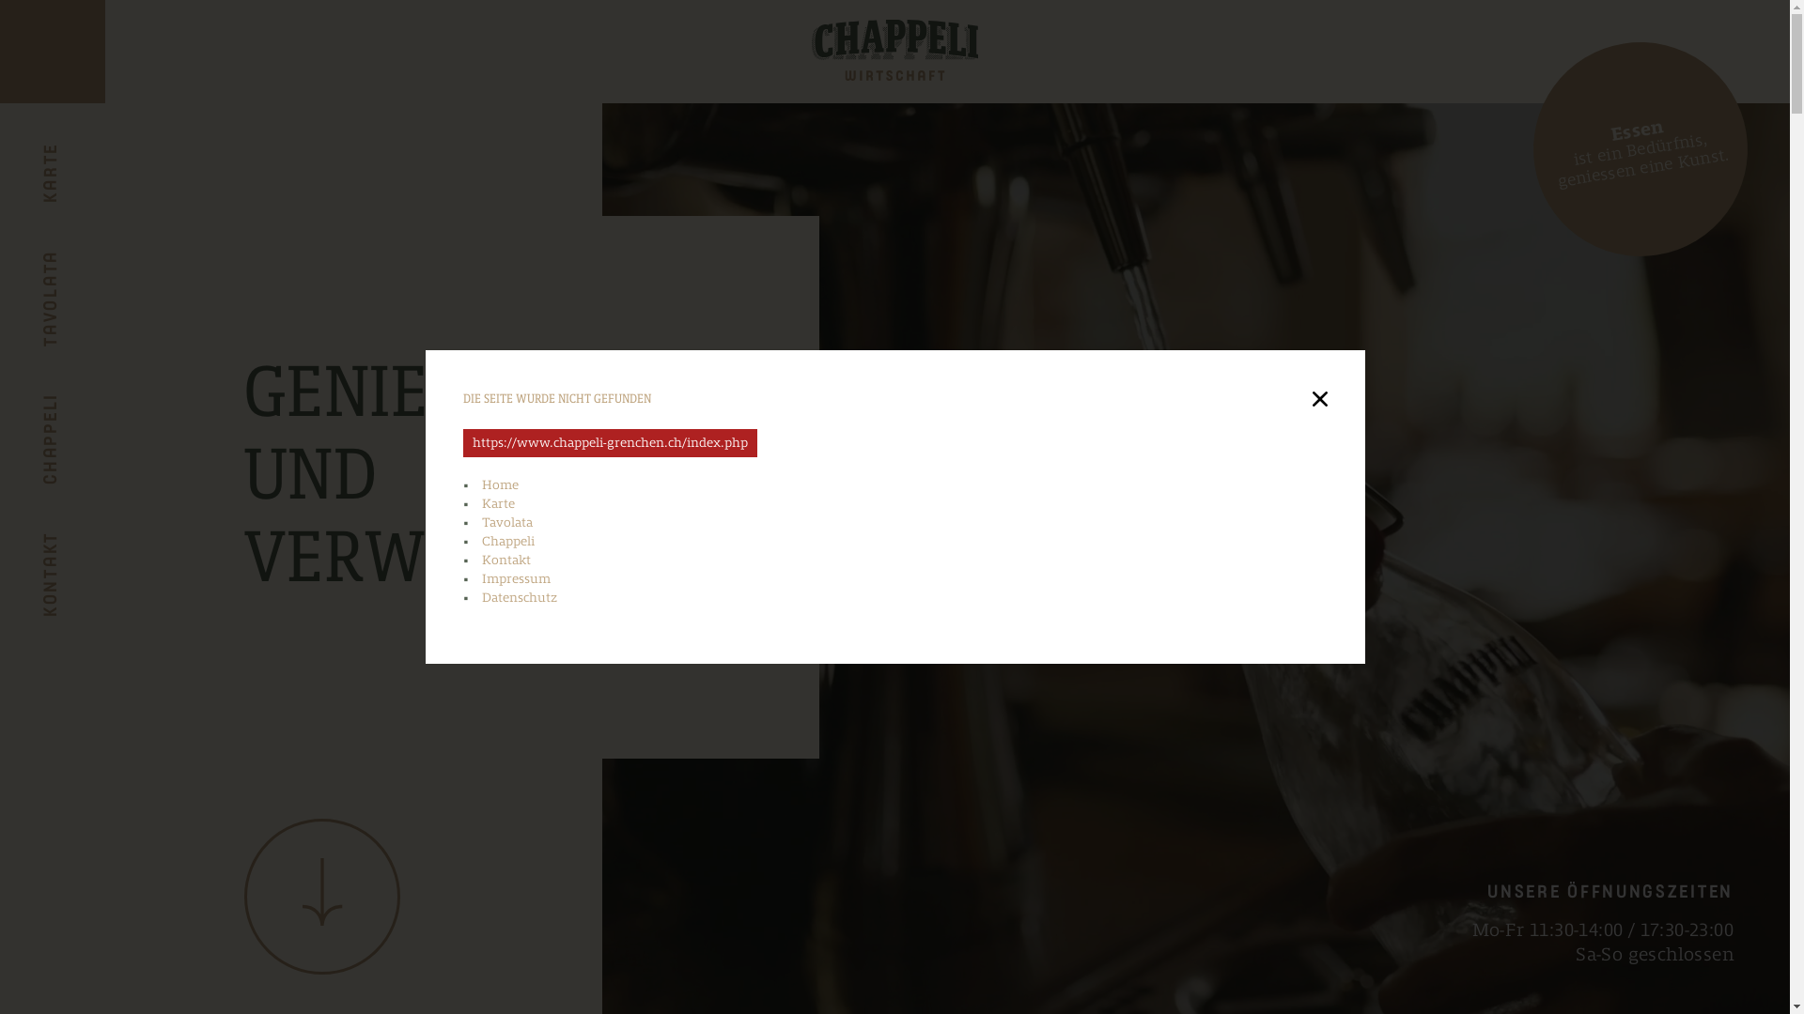 The height and width of the screenshot is (1014, 1804). Describe the element at coordinates (83, 407) in the screenshot. I see `'CHAPPELI'` at that location.